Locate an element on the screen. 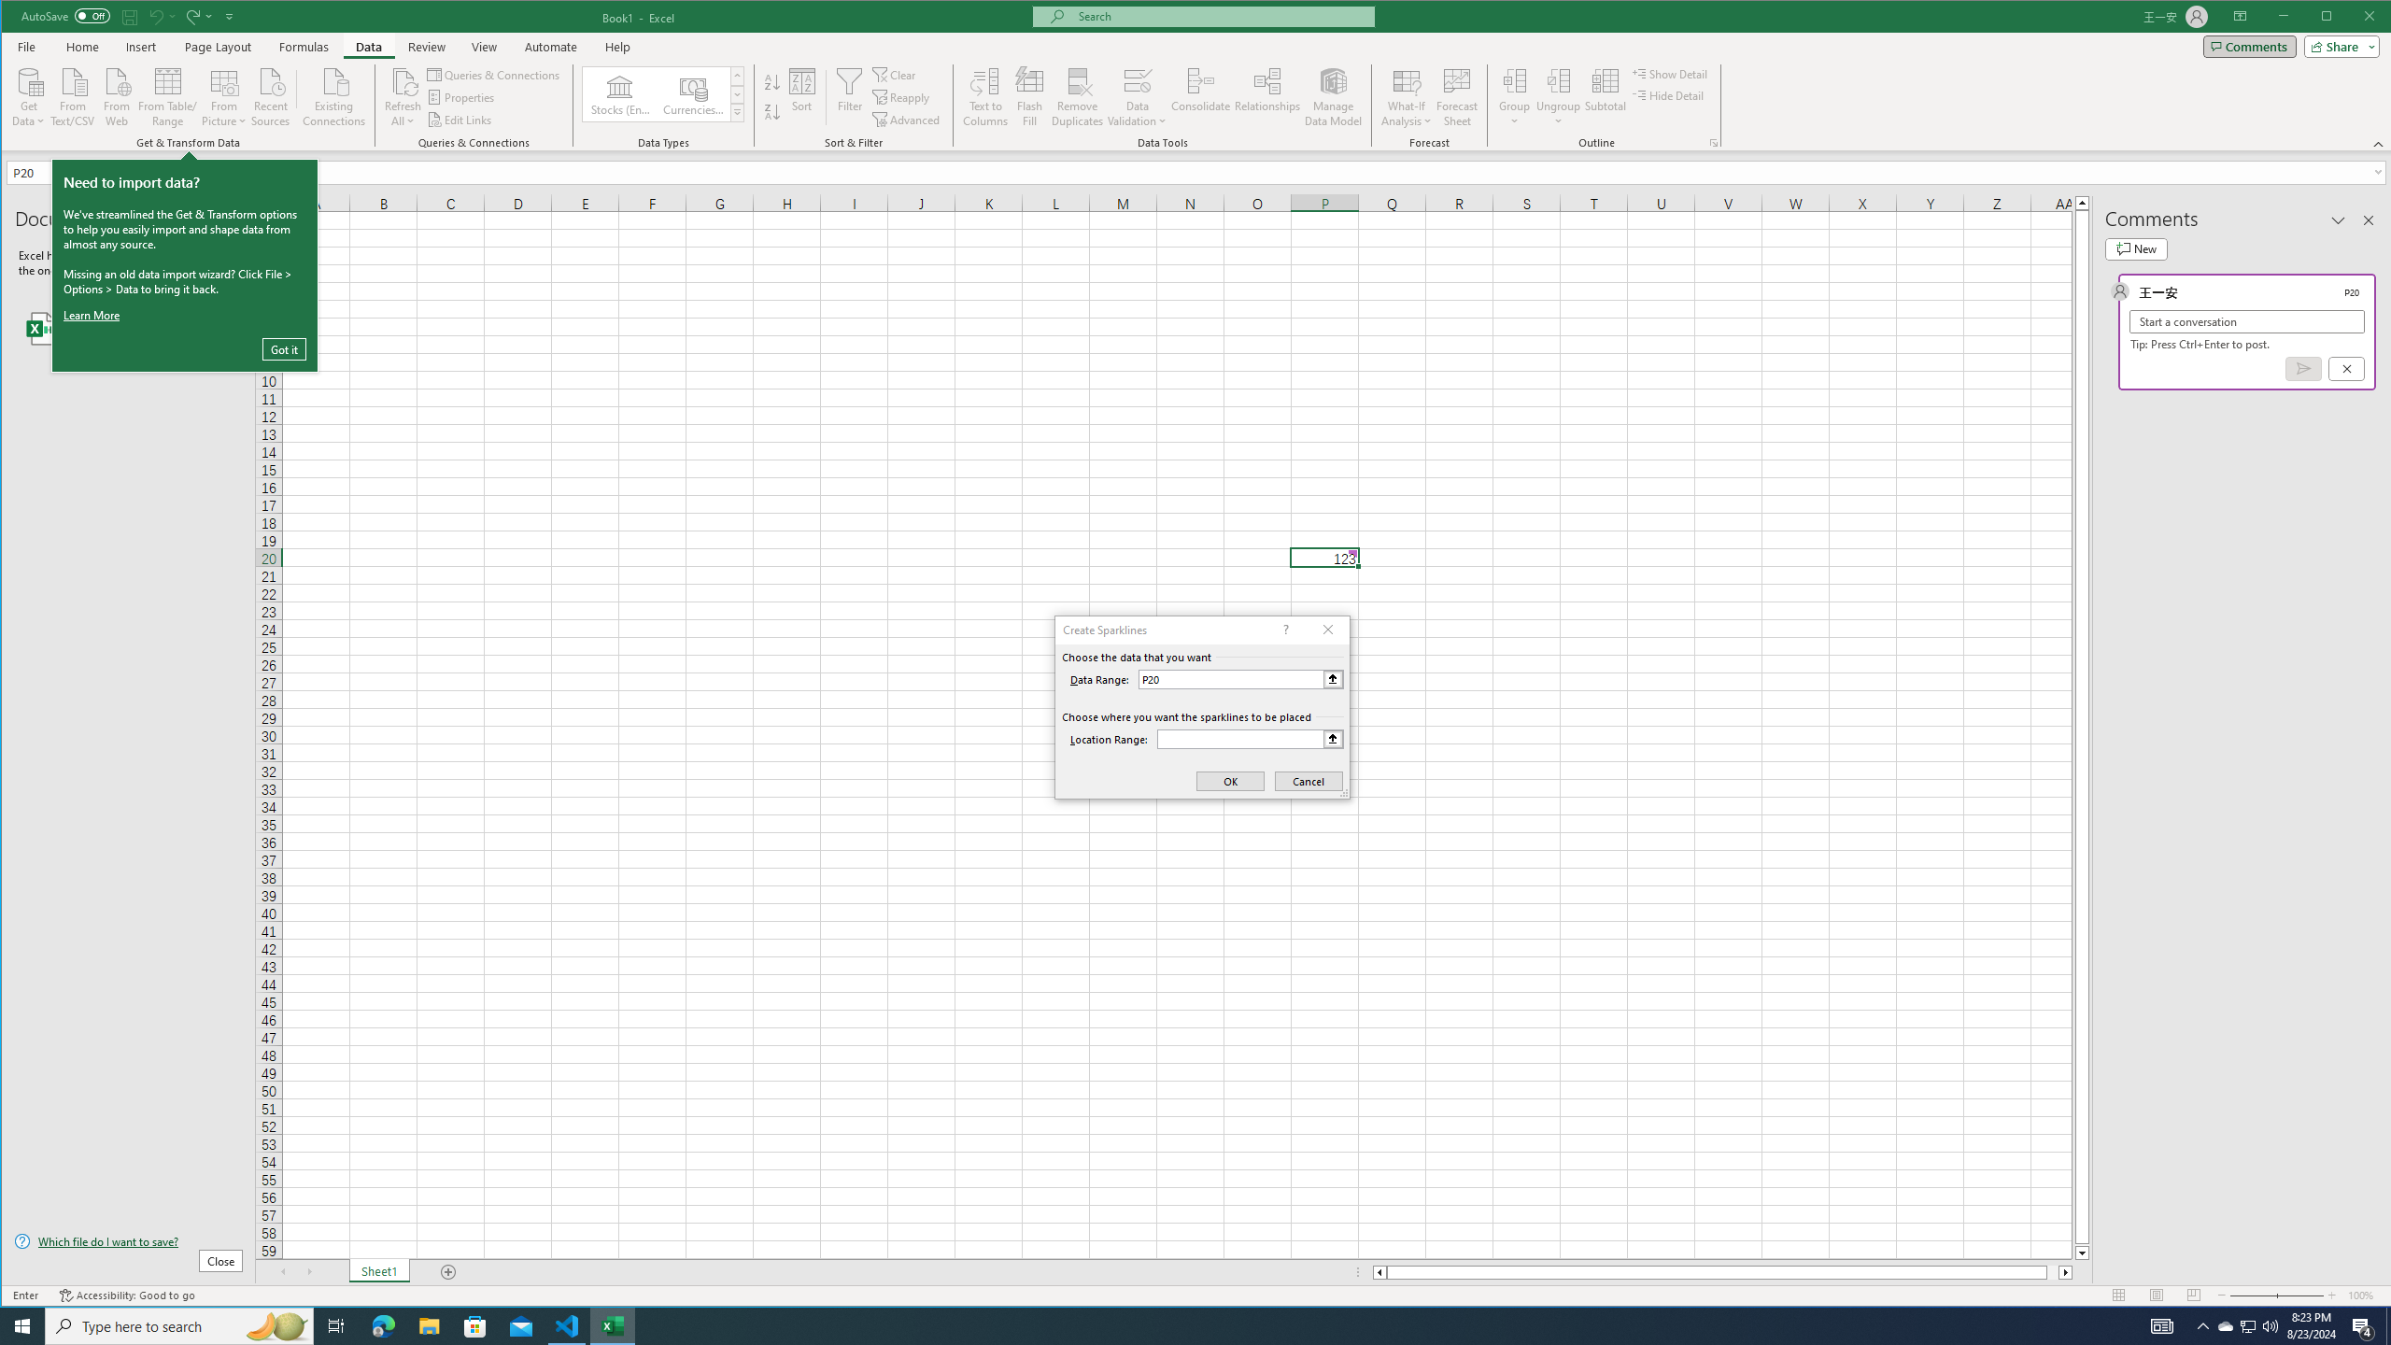  'Stocks (English)' is located at coordinates (620, 93).